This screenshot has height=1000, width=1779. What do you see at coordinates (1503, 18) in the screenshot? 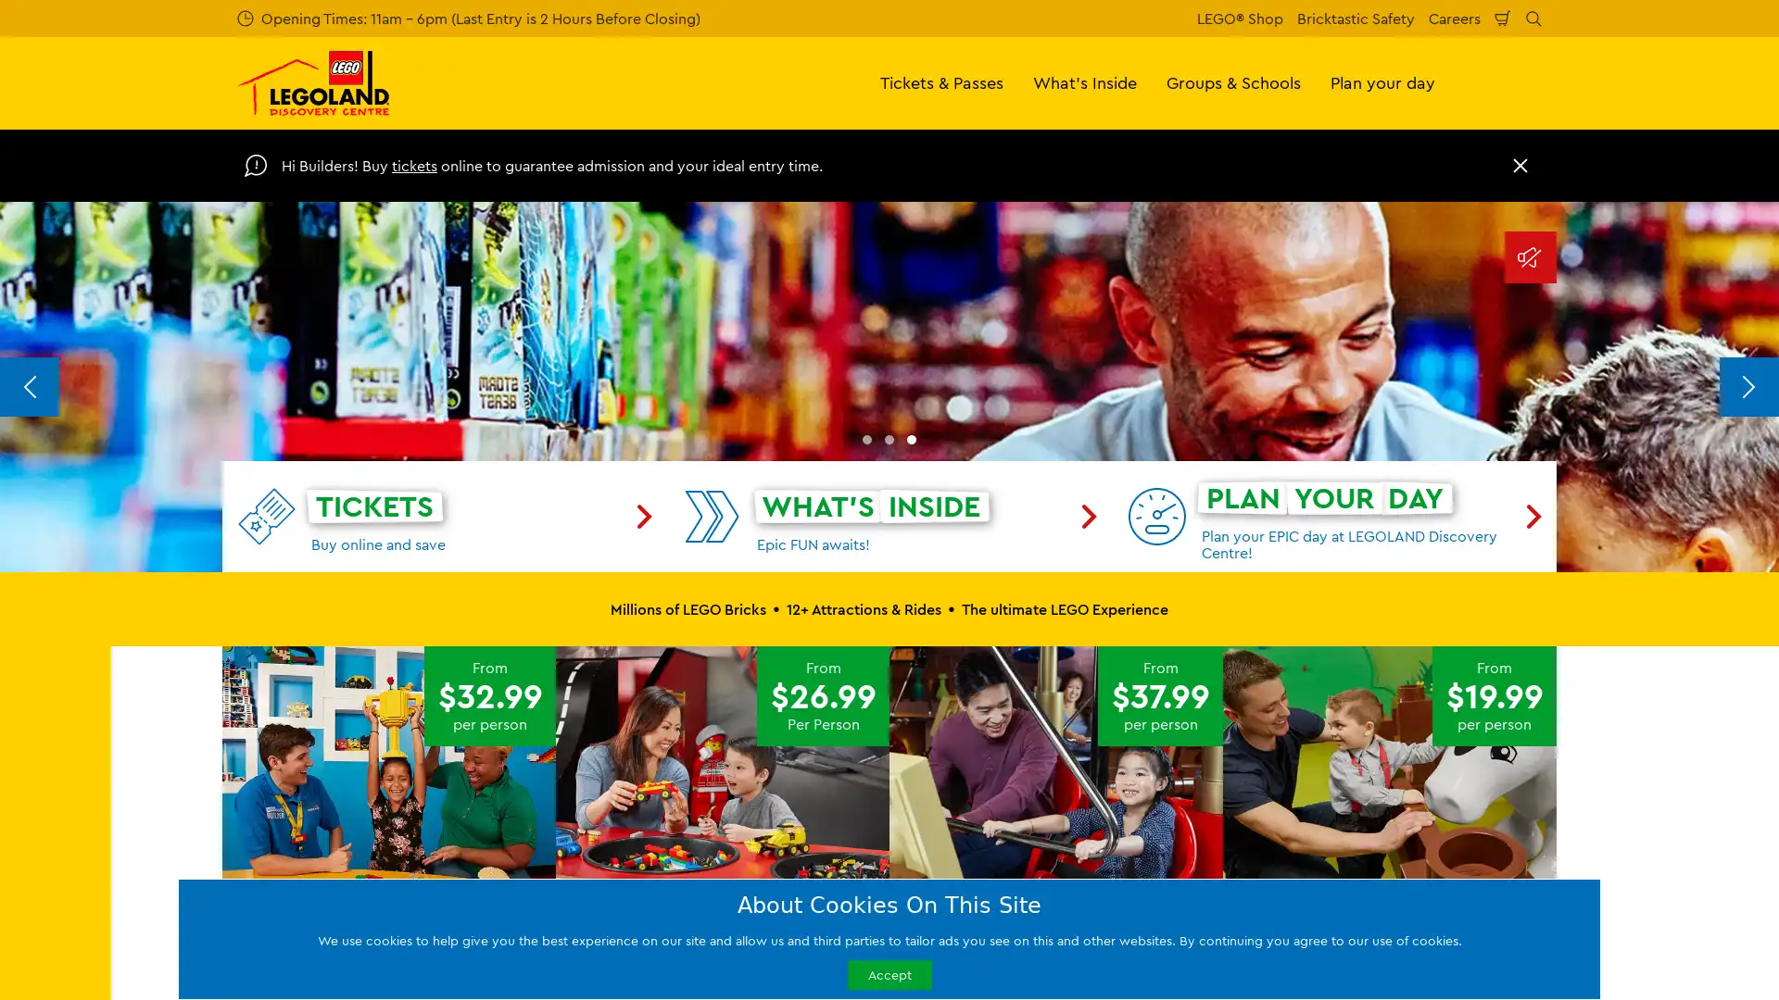
I see `Shopping Cart` at bounding box center [1503, 18].